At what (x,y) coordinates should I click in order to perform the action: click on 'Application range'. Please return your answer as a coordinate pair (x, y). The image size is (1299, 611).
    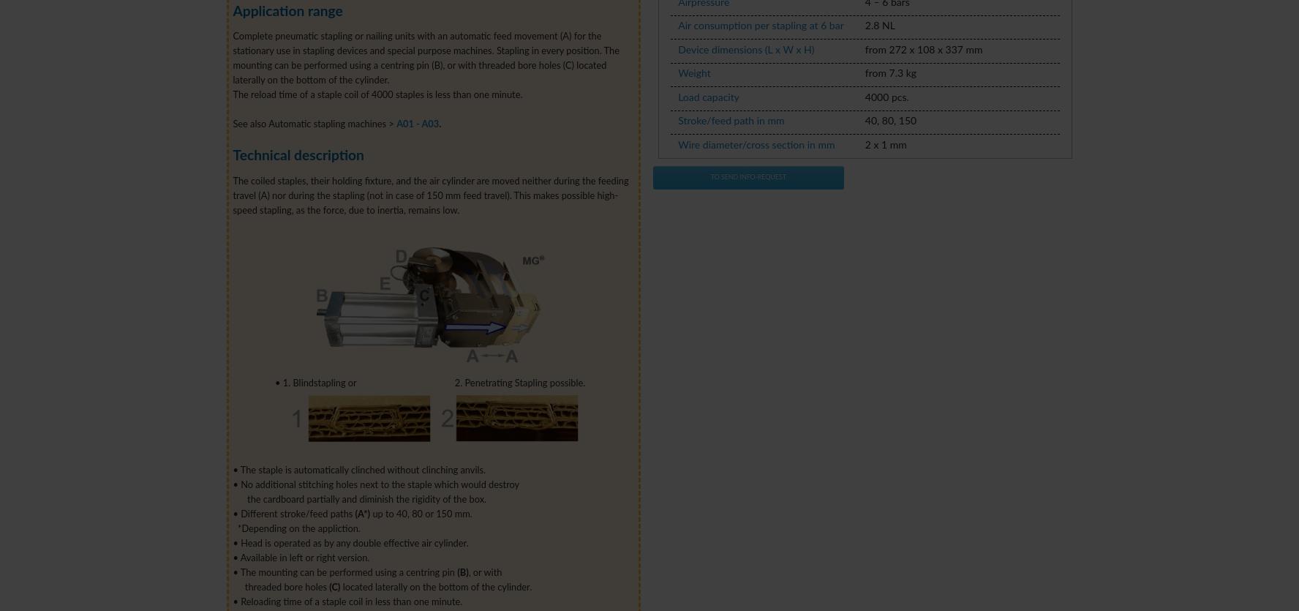
    Looking at the image, I should click on (287, 11).